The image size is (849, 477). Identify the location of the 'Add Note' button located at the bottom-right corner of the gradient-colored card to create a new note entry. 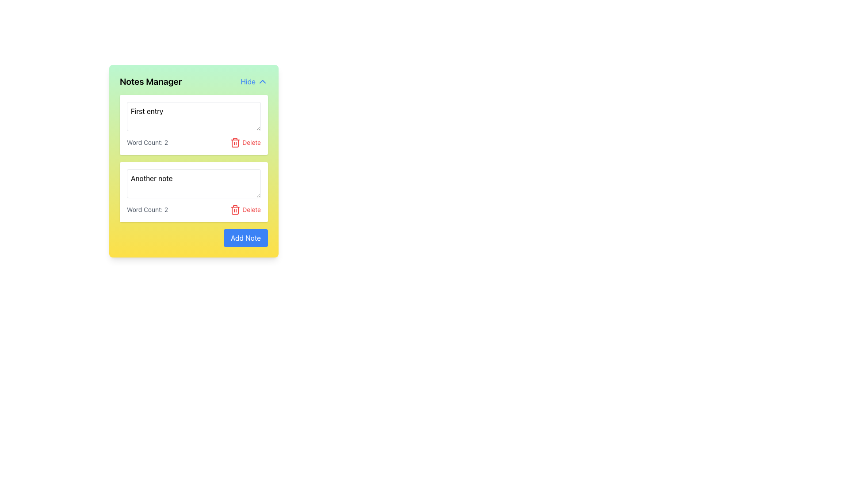
(245, 238).